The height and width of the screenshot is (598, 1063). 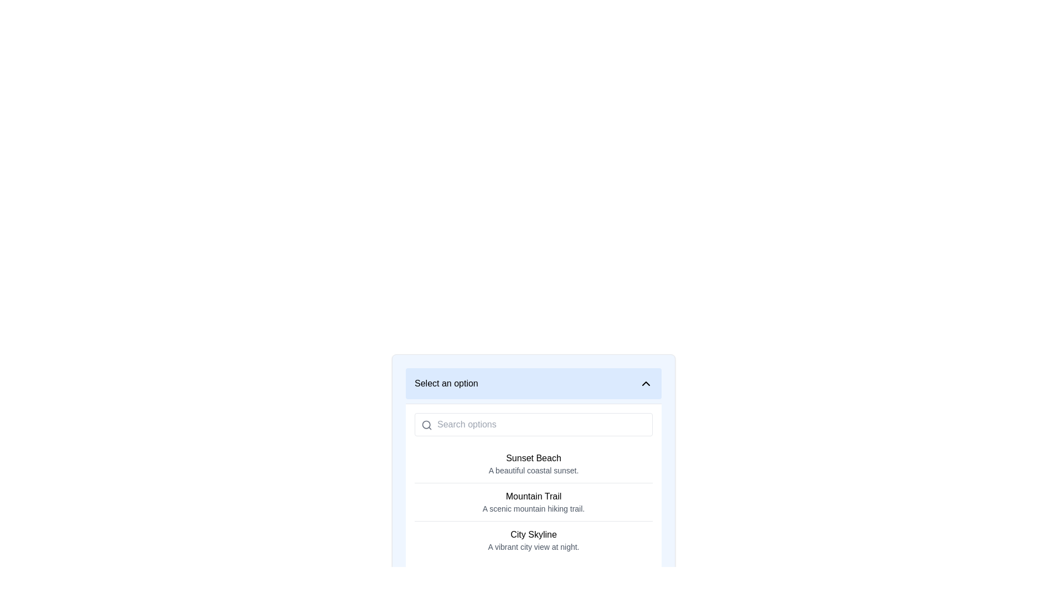 What do you see at coordinates (534, 508) in the screenshot?
I see `the descriptive text element that provides additional information about the 'Mountain Trail' option in the dropdown list, which is located below the 'Mountain Trail' label` at bounding box center [534, 508].